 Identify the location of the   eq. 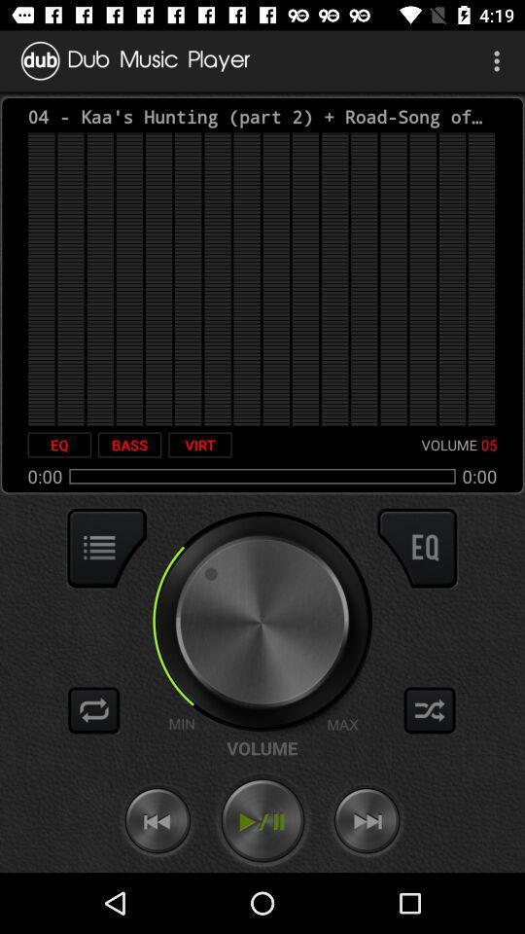
(59, 445).